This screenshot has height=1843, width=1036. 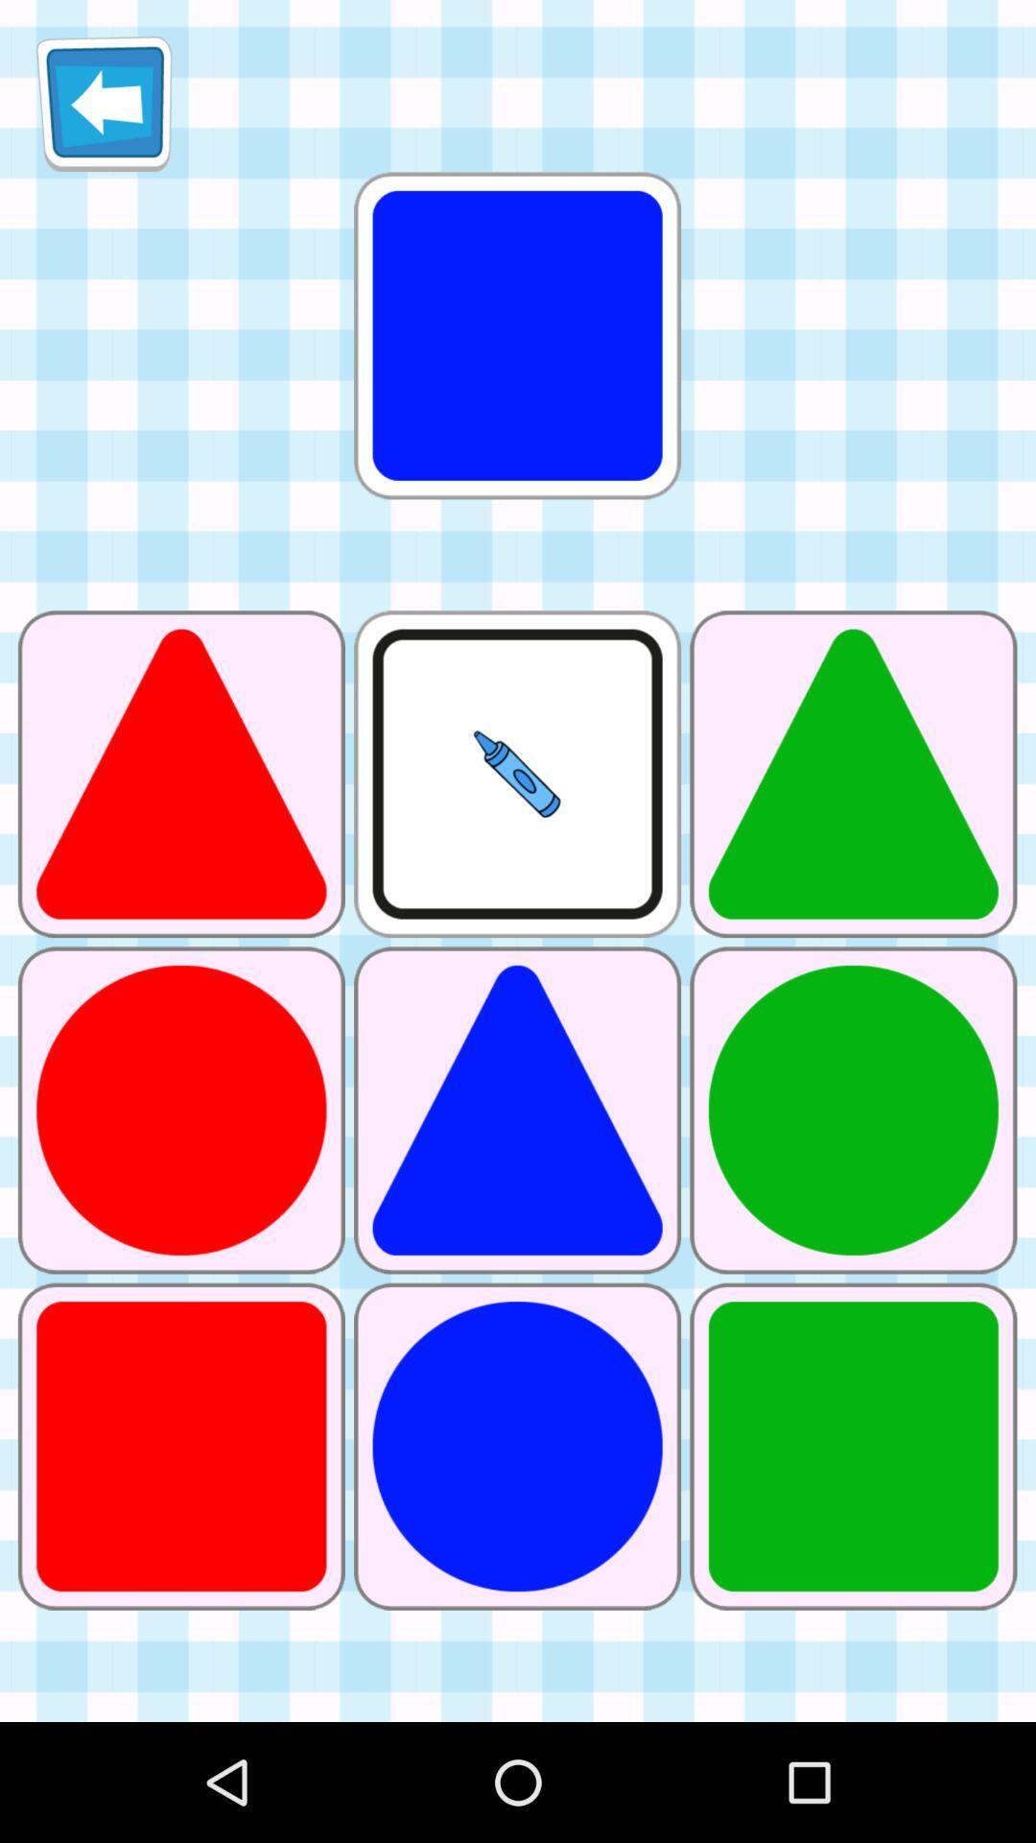 What do you see at coordinates (104, 110) in the screenshot?
I see `the arrow_backward icon` at bounding box center [104, 110].